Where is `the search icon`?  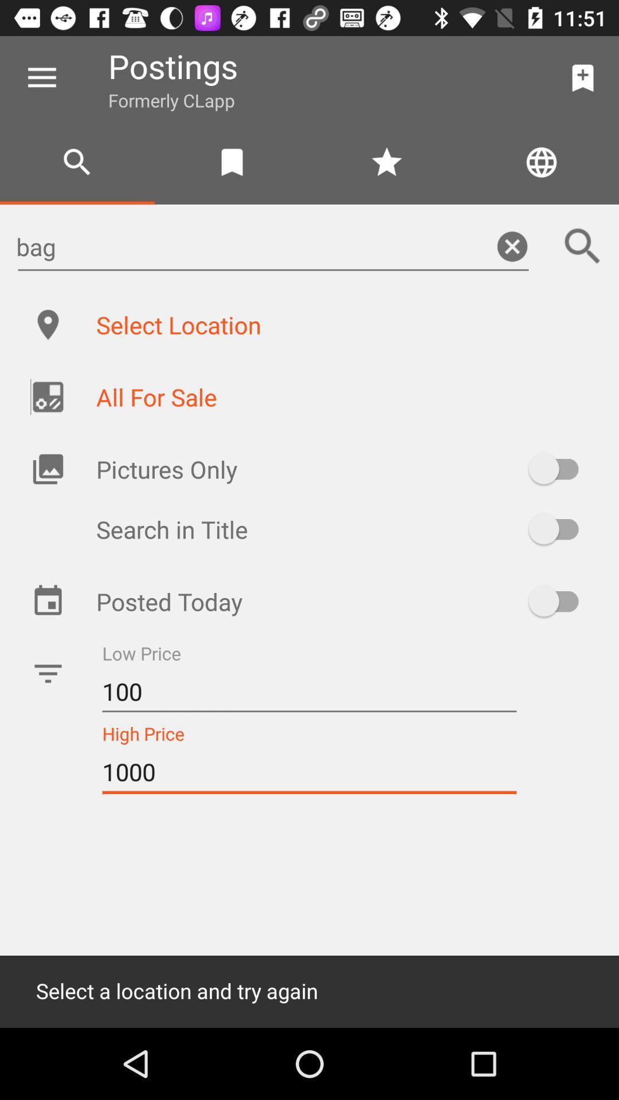
the search icon is located at coordinates (583, 246).